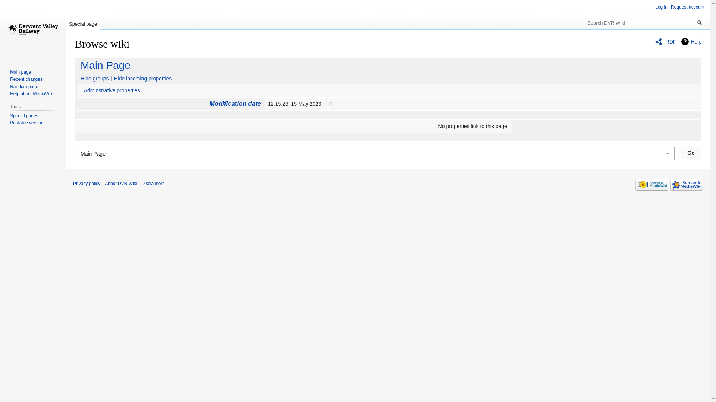  What do you see at coordinates (24, 116) in the screenshot?
I see `'Special pages'` at bounding box center [24, 116].